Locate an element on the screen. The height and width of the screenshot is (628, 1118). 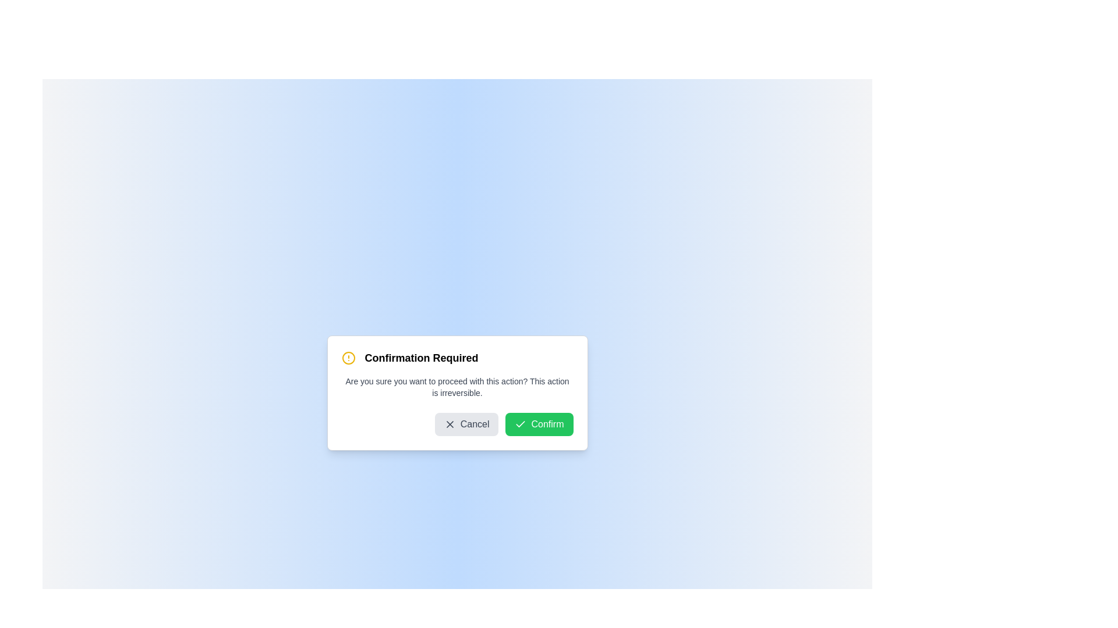
the confirm button located on the right-hand side of the dialog box's footer, which contains the success confirmation icon is located at coordinates (520, 424).